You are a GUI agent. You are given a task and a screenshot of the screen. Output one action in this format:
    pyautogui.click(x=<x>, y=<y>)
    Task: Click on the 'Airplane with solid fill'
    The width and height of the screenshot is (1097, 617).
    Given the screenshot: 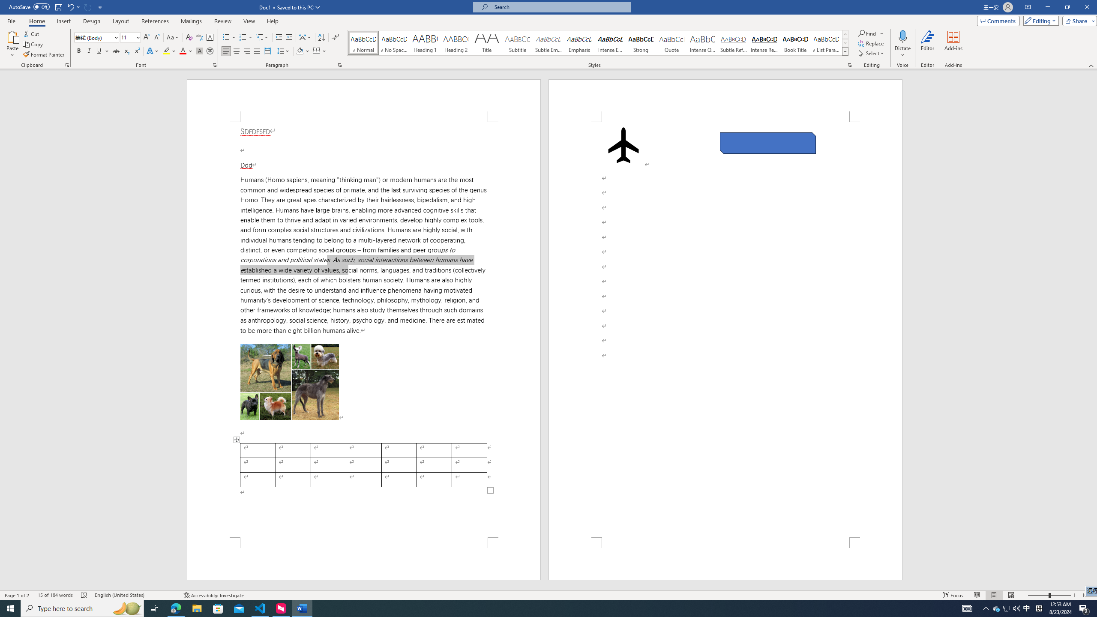 What is the action you would take?
    pyautogui.click(x=623, y=145)
    